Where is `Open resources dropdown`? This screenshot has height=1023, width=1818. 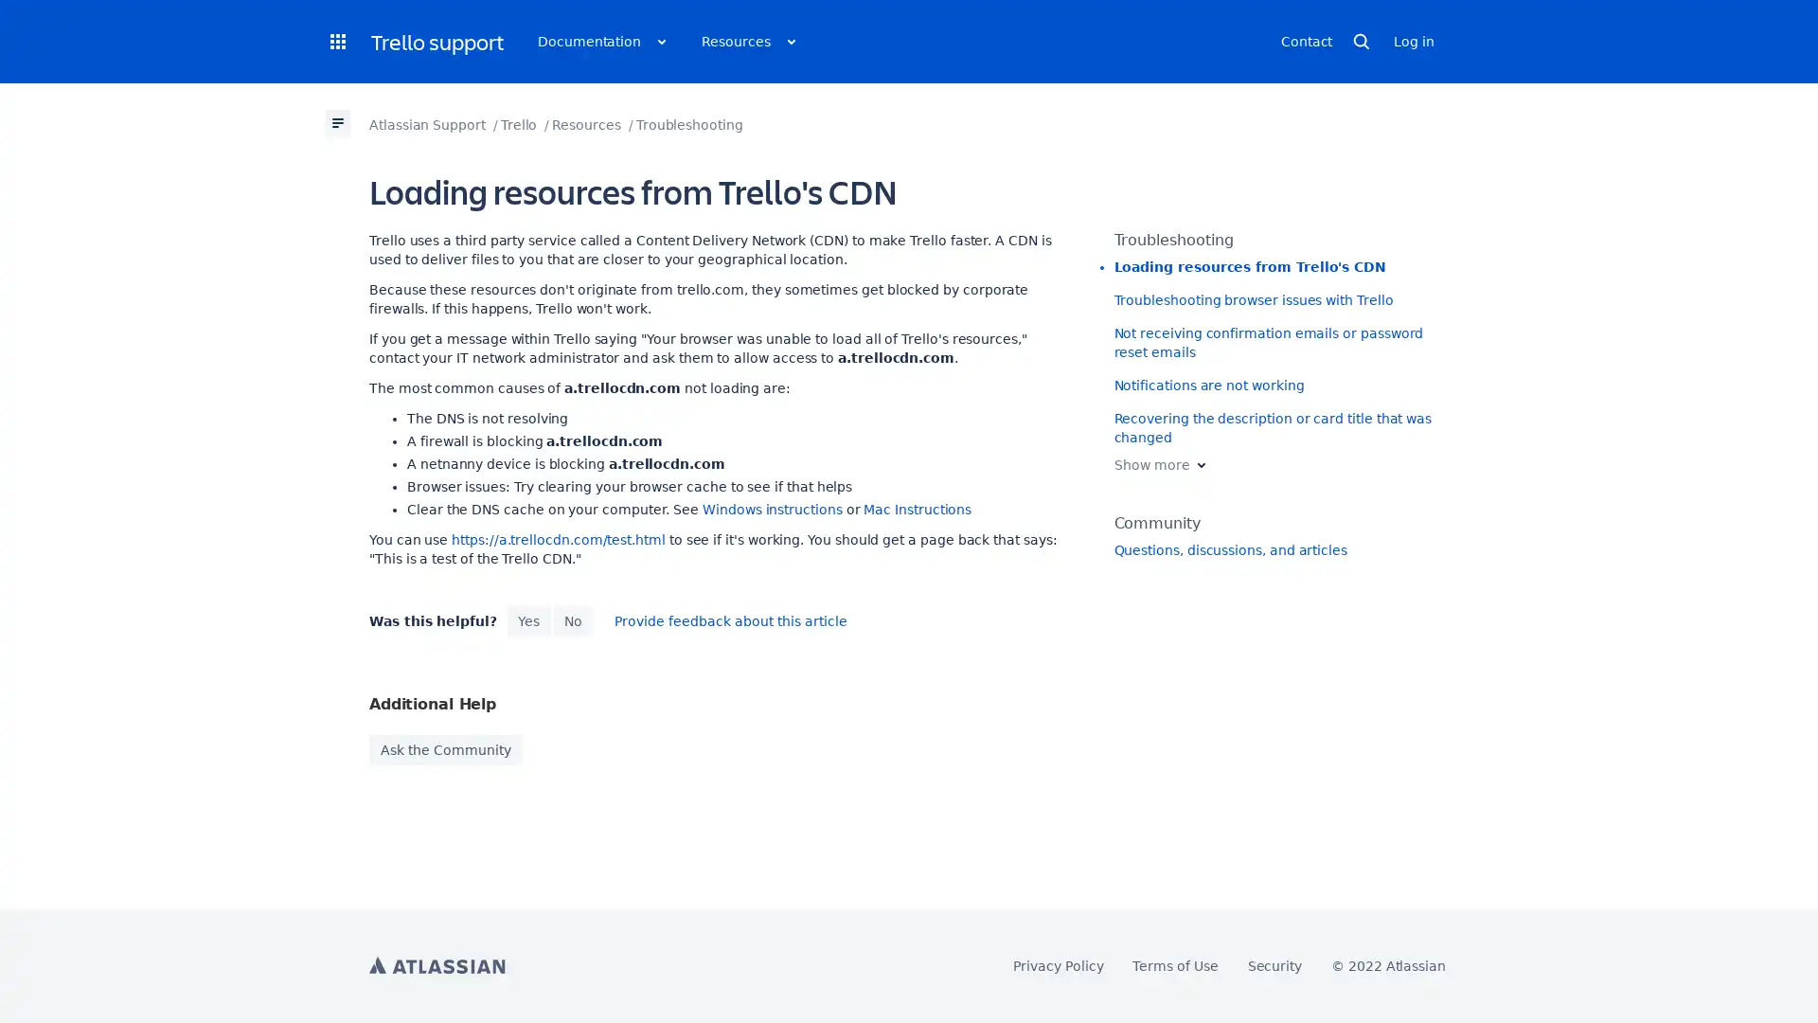
Open resources dropdown is located at coordinates (745, 41).